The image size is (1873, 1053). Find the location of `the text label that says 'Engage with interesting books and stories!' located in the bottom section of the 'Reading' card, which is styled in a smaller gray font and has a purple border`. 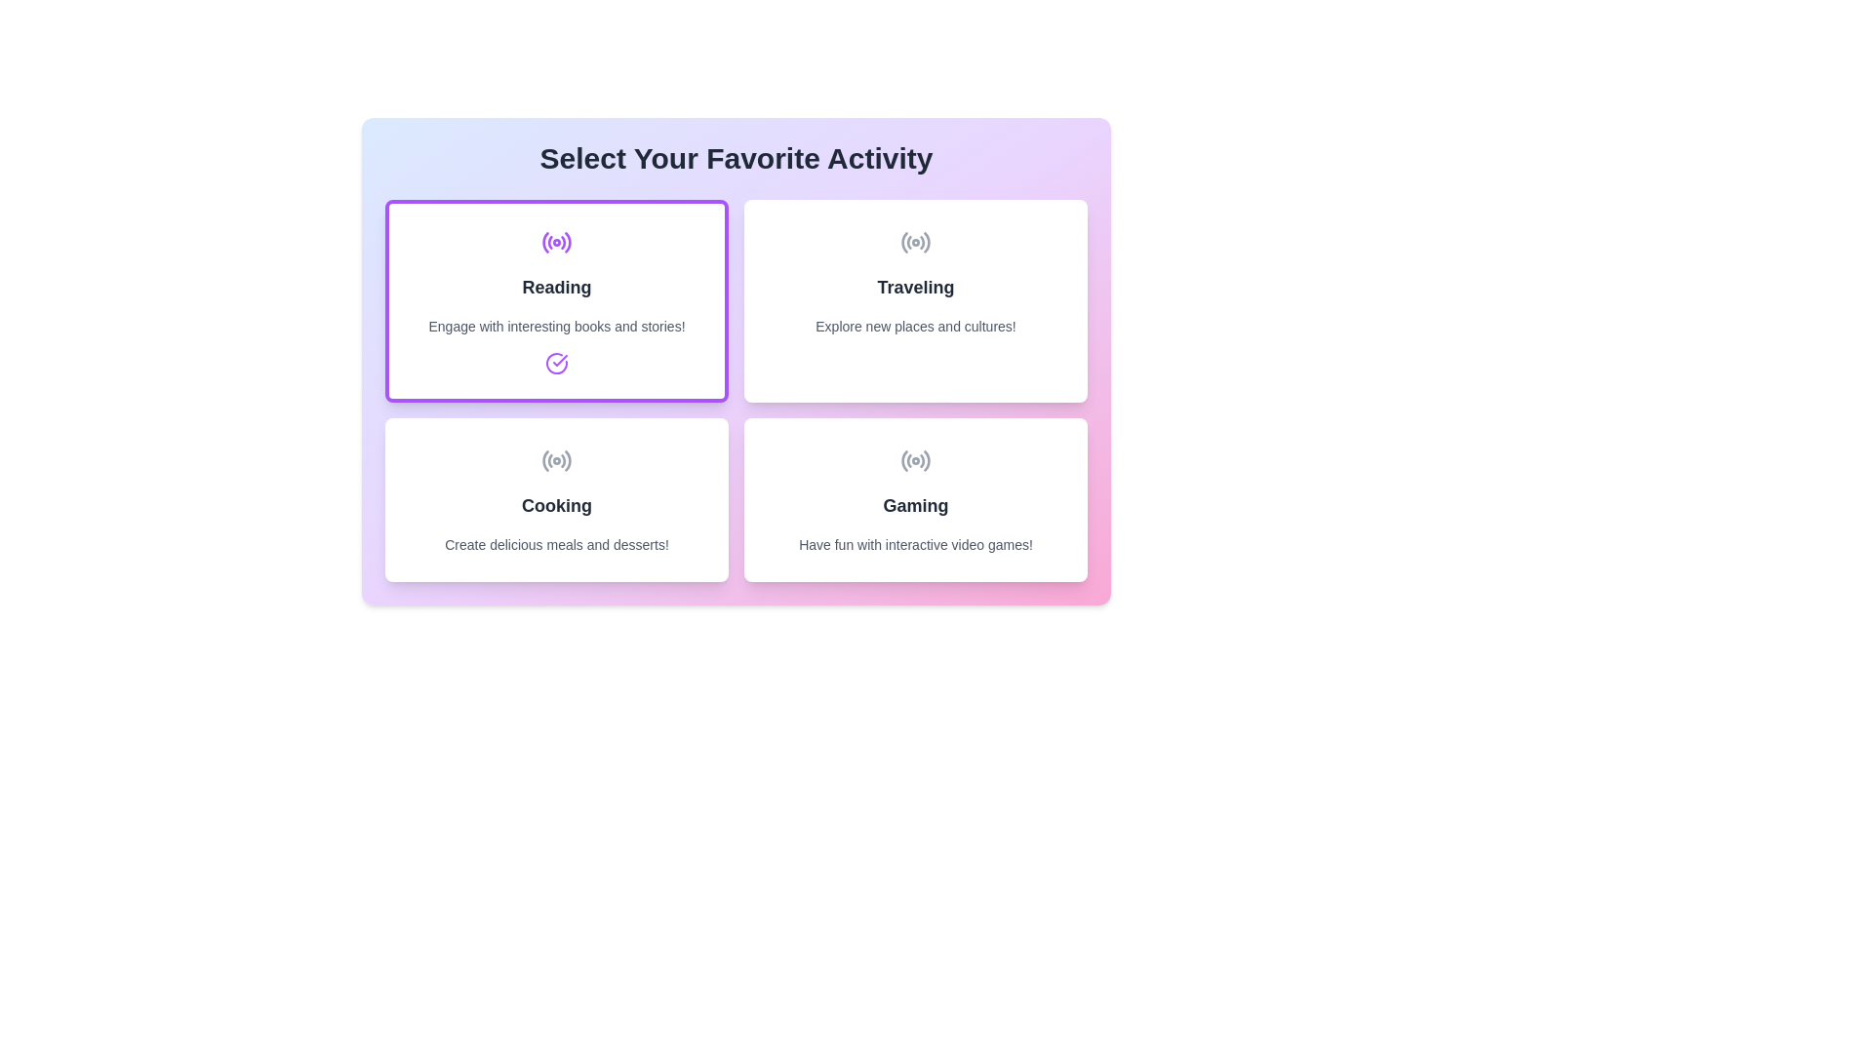

the text label that says 'Engage with interesting books and stories!' located in the bottom section of the 'Reading' card, which is styled in a smaller gray font and has a purple border is located at coordinates (556, 326).